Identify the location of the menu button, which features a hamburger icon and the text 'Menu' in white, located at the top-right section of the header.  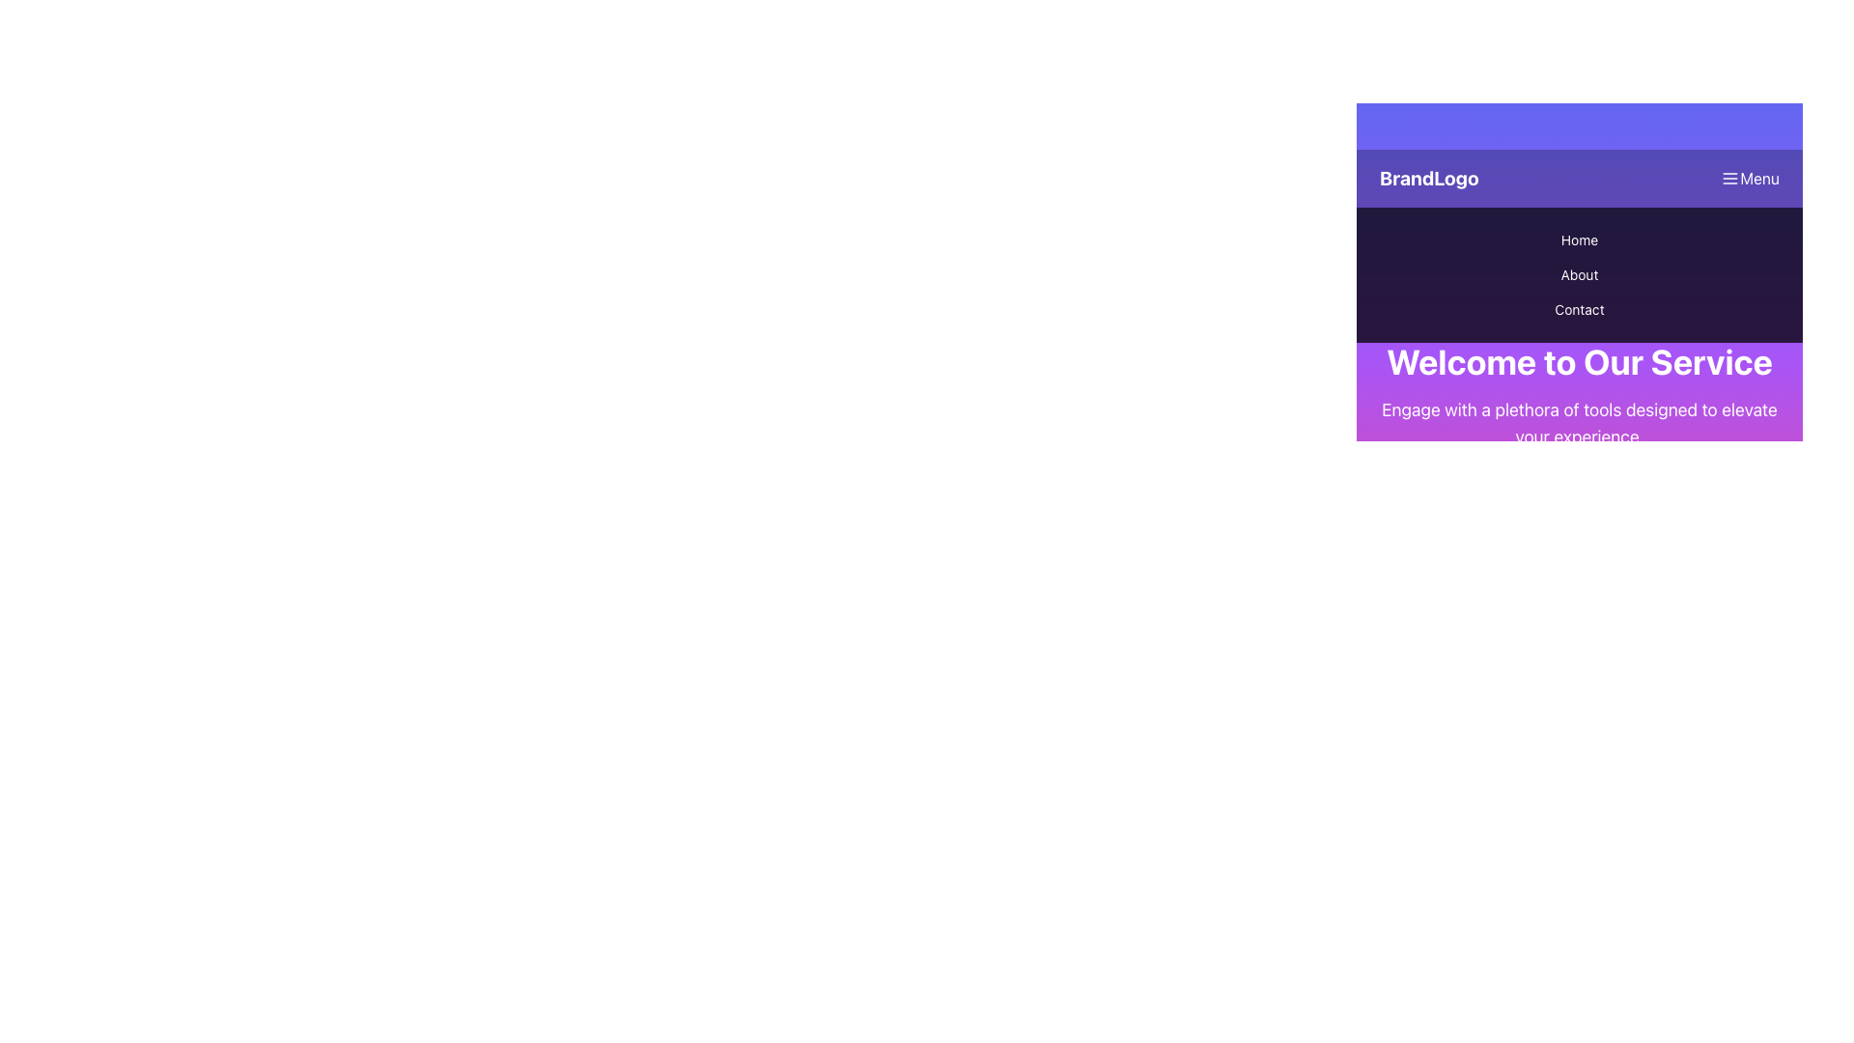
(1750, 179).